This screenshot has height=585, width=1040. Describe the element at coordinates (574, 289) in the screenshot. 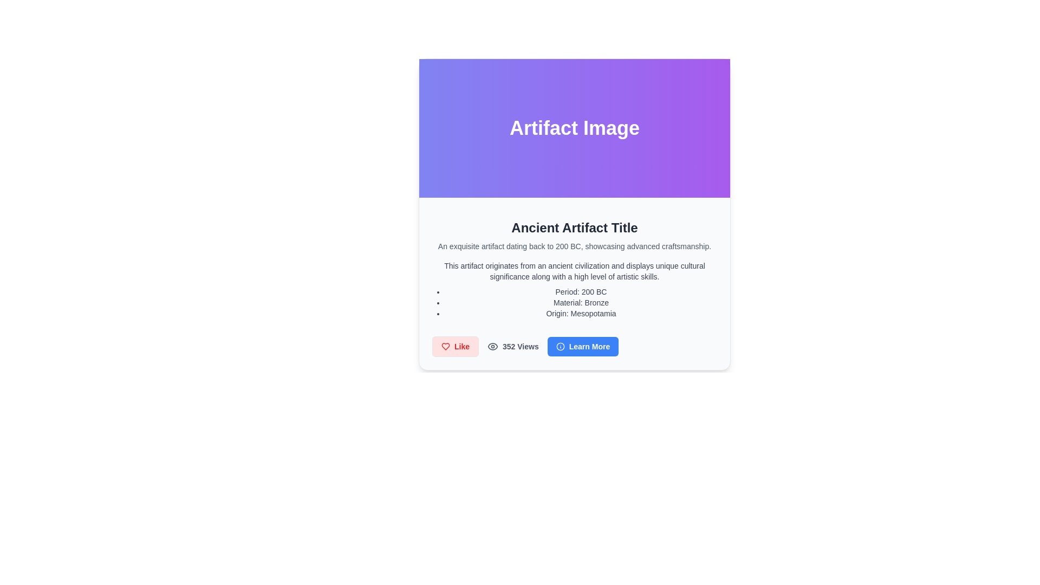

I see `the text block providing detailed information about the artifact, located below the title 'Ancient Artifact Title' and above the interactive buttons` at that location.